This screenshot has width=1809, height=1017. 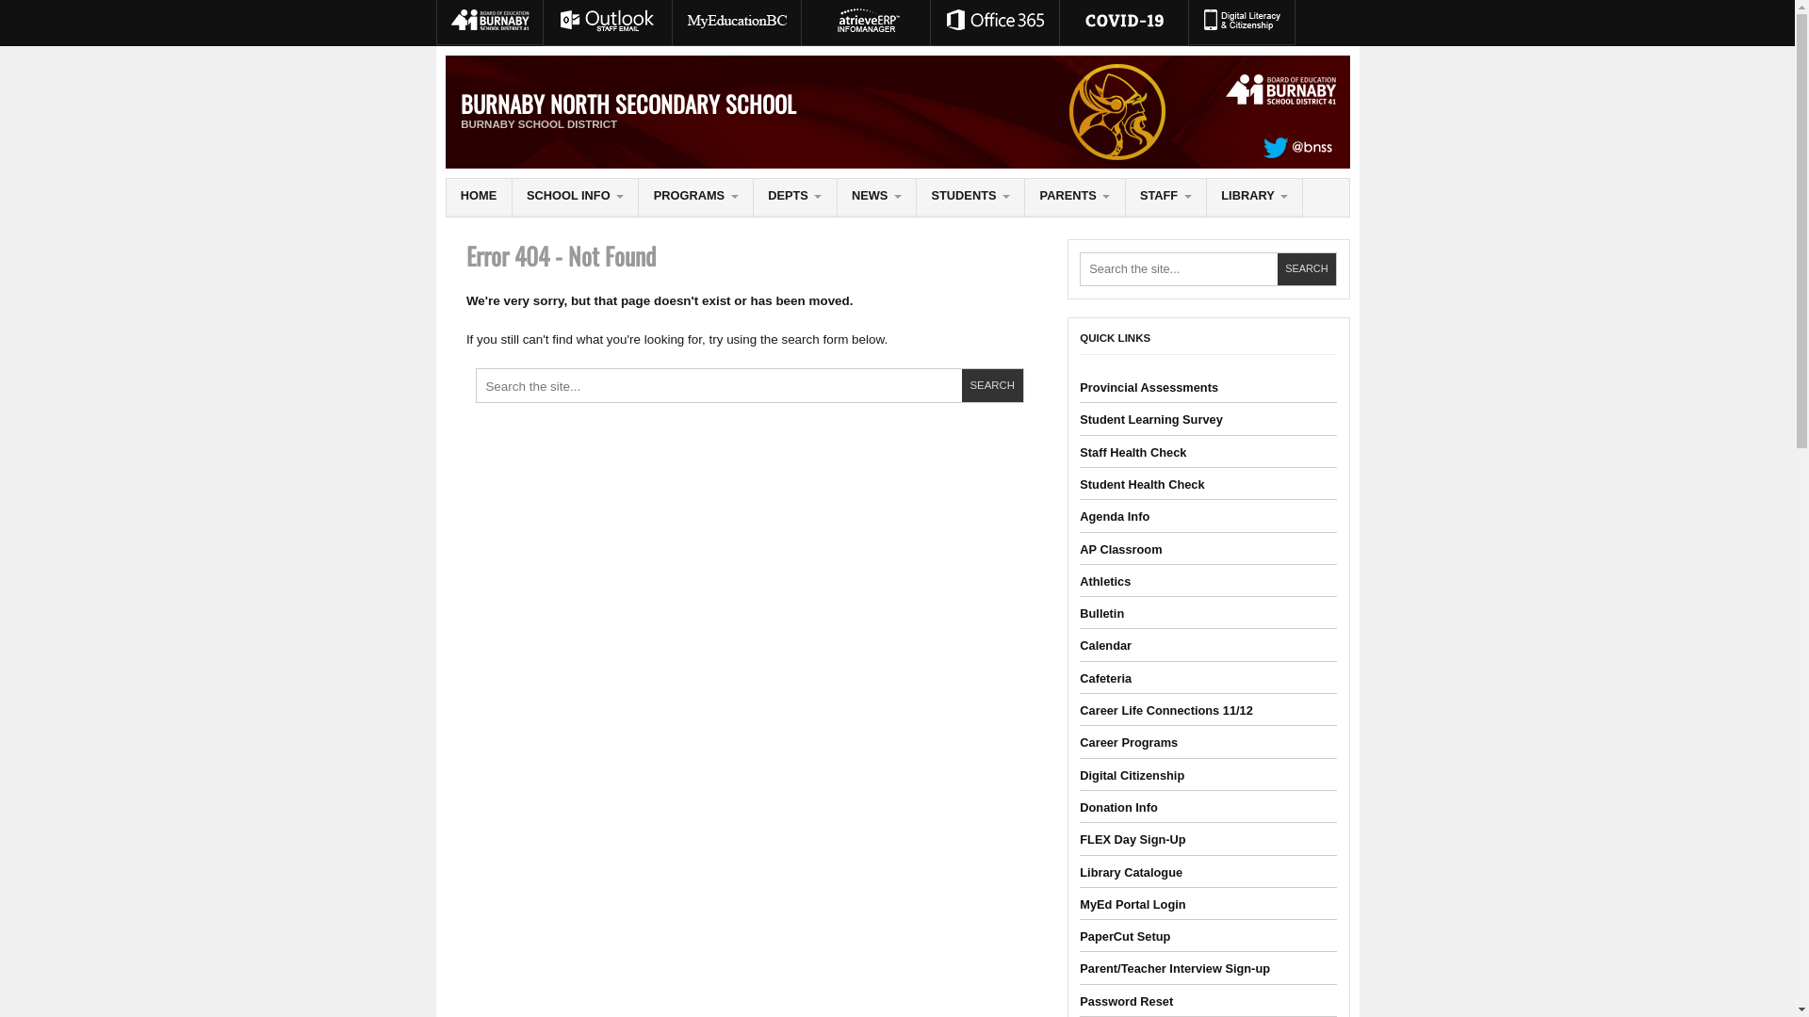 What do you see at coordinates (1131, 838) in the screenshot?
I see `'FLEX Day Sign-Up'` at bounding box center [1131, 838].